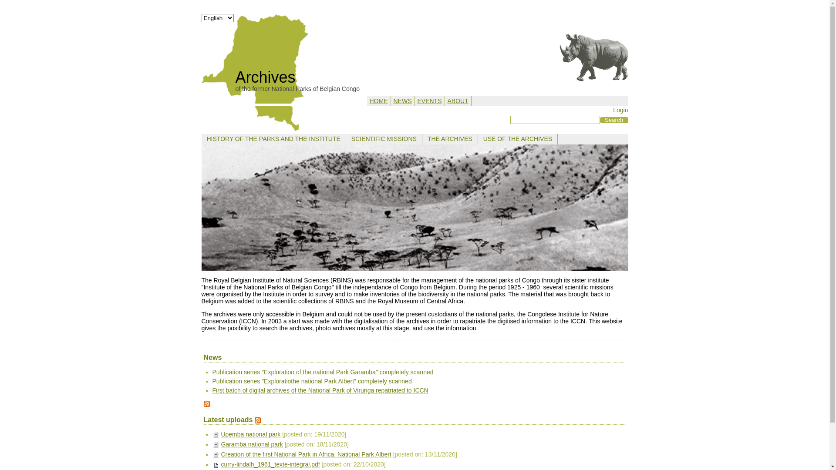  Describe the element at coordinates (617, 208) in the screenshot. I see `'Next'` at that location.